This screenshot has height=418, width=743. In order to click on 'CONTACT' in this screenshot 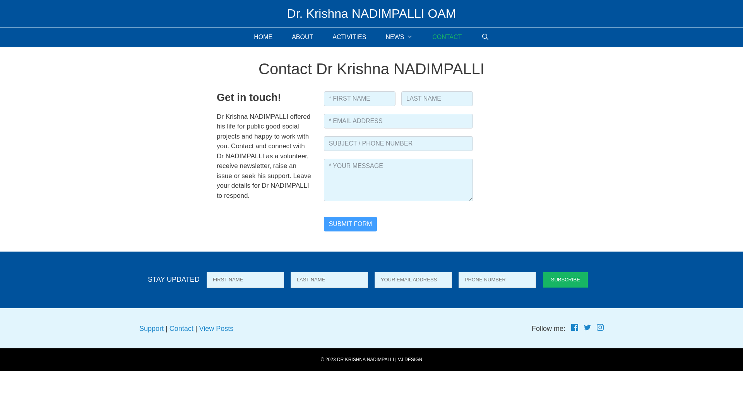, I will do `click(447, 37)`.